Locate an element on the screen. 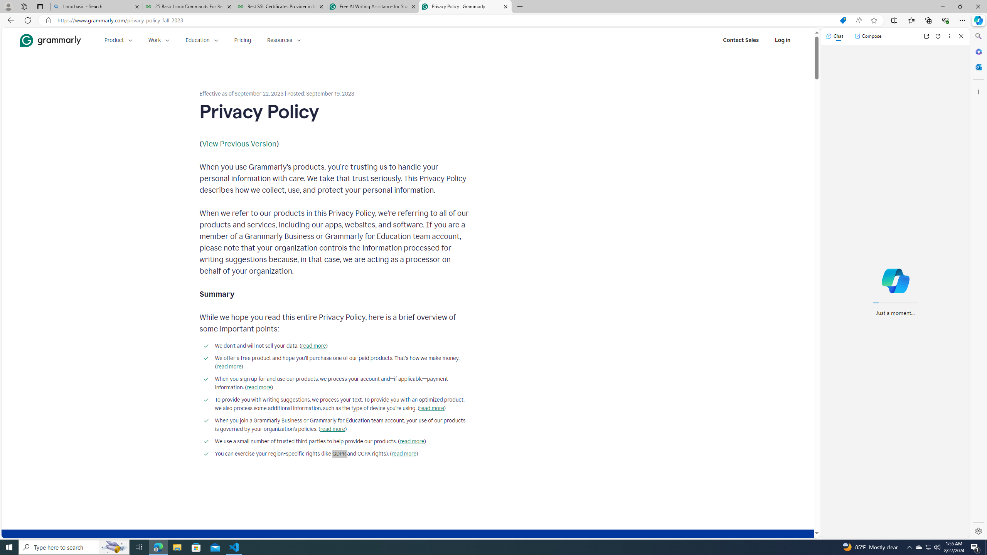 This screenshot has width=987, height=555. 'Pricing' is located at coordinates (242, 40).